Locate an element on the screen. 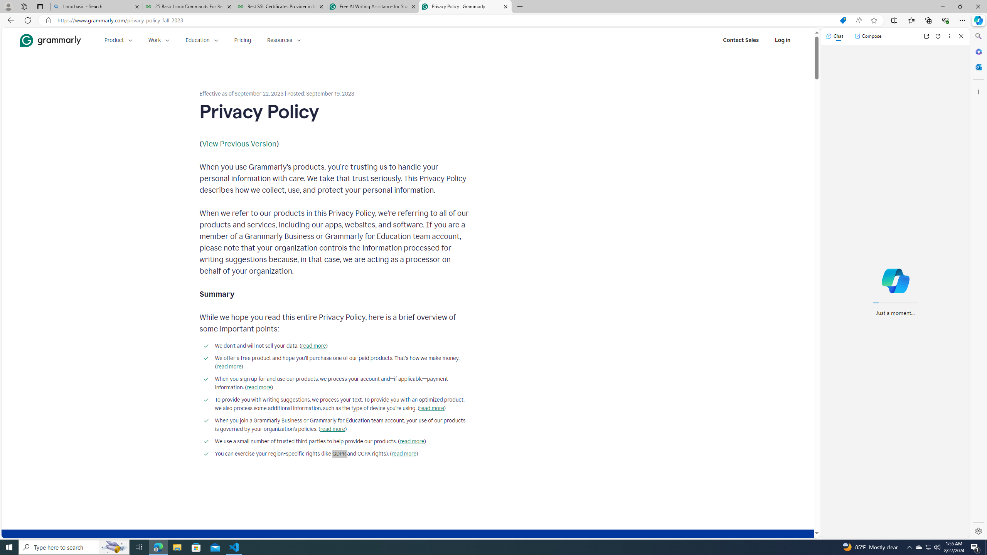 This screenshot has width=987, height=555. 'Pricing' is located at coordinates (242, 40).